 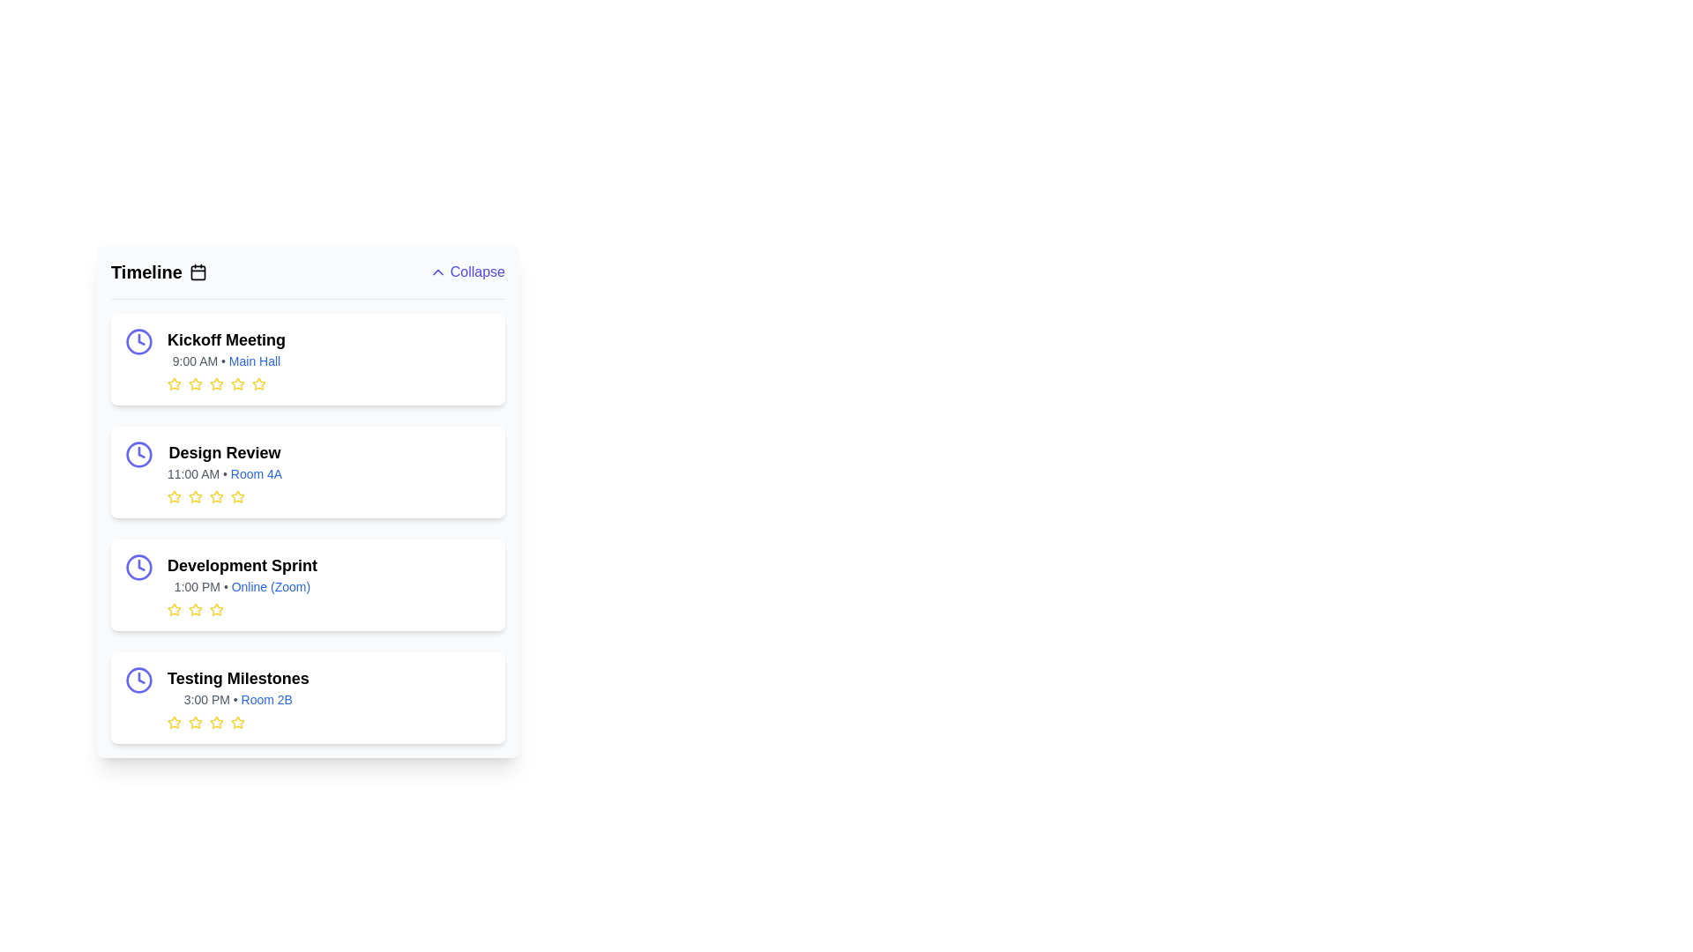 I want to click on the blue outlined circular SVG element located inside the clock icon, adjacent to the 'Testing Milestones' card, which is part of the fourth item in the vertical list of timeline entries, so click(x=138, y=679).